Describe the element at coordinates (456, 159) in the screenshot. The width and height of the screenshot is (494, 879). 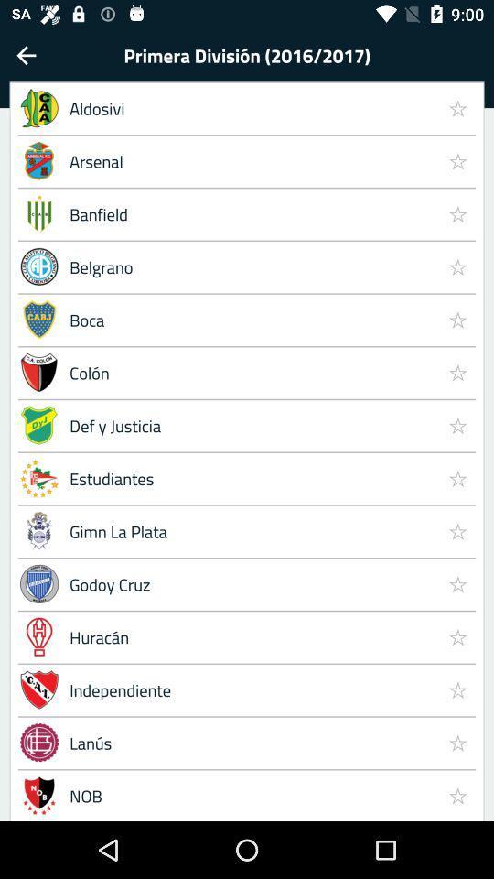
I see `the icon next to aldosivi` at that location.